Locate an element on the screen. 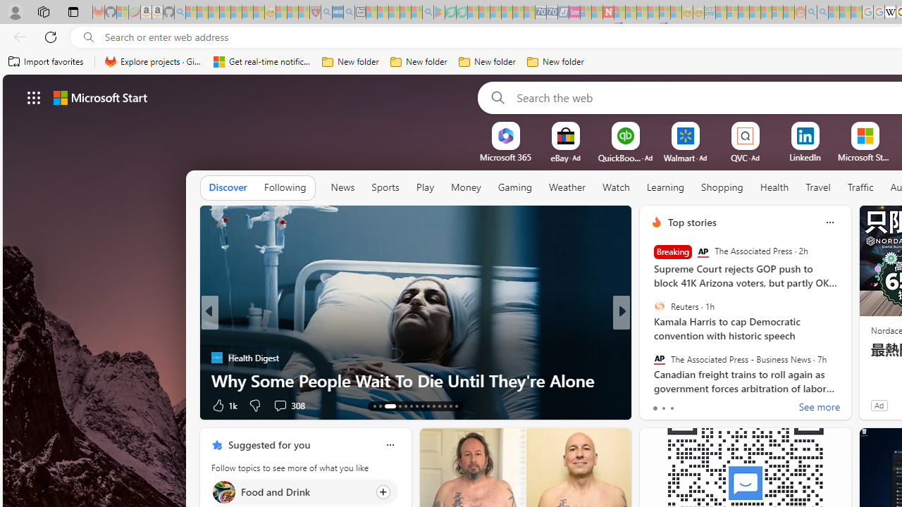  'AutomationID: tab-13' is located at coordinates (374, 406).